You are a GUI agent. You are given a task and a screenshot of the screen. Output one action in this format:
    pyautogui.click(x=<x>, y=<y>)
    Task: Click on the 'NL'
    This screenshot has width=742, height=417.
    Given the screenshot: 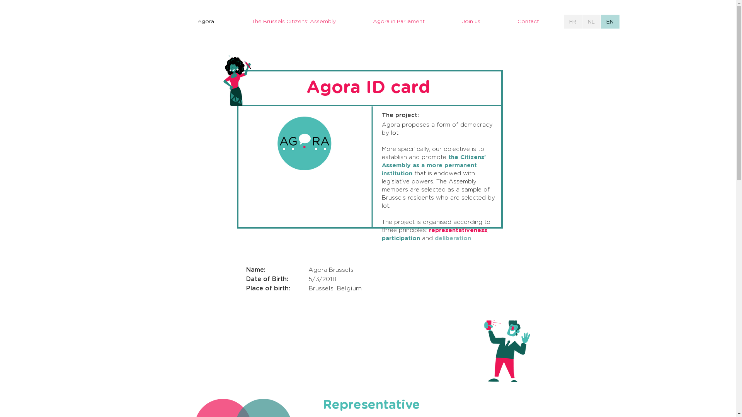 What is the action you would take?
    pyautogui.click(x=591, y=21)
    